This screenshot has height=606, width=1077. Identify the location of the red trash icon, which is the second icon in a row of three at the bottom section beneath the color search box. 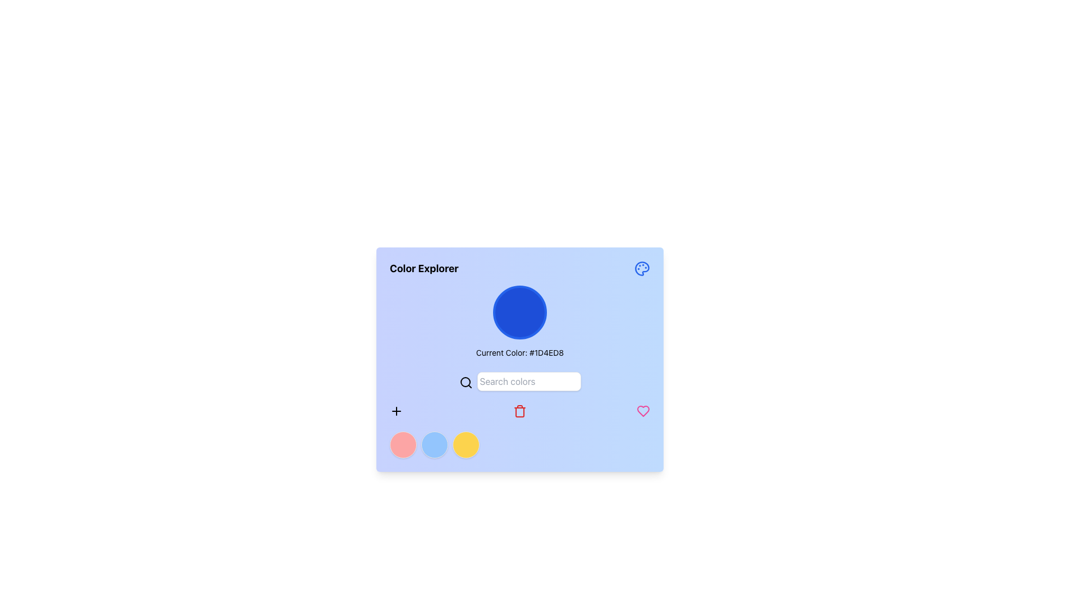
(519, 411).